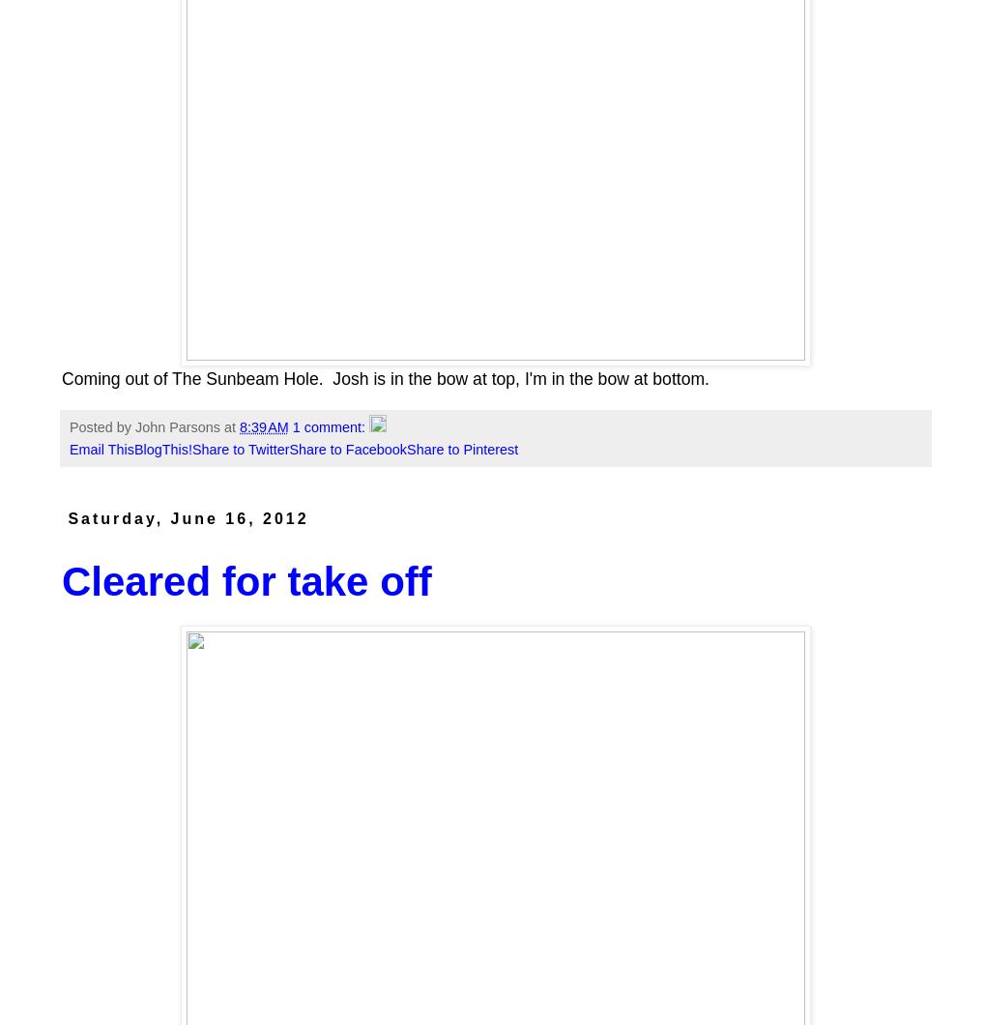 The width and height of the screenshot is (984, 1025). I want to click on 'Share to Twitter', so click(239, 449).